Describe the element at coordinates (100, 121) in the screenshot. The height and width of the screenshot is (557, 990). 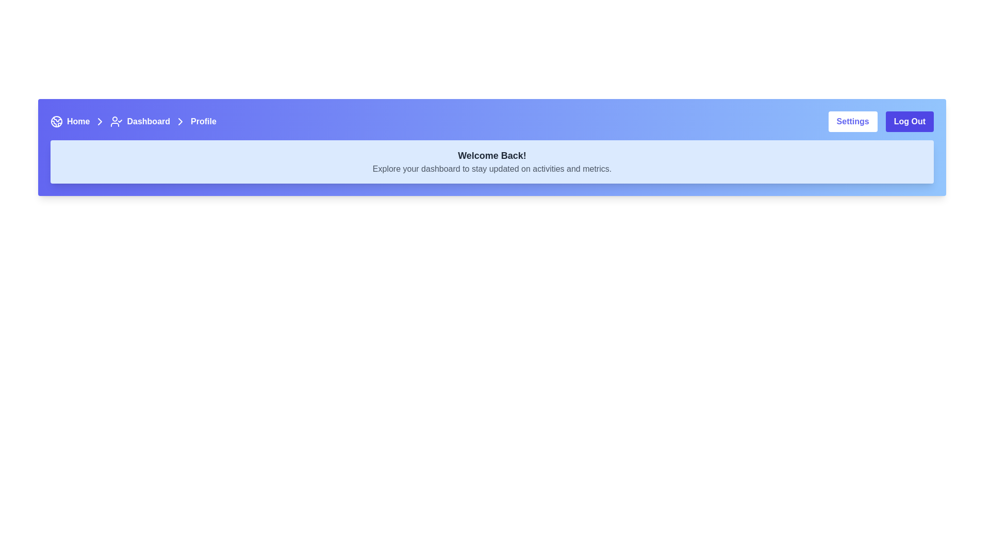
I see `the rightward chevron icon in the breadcrumb navigation bar that separates 'Home' from the next section` at that location.